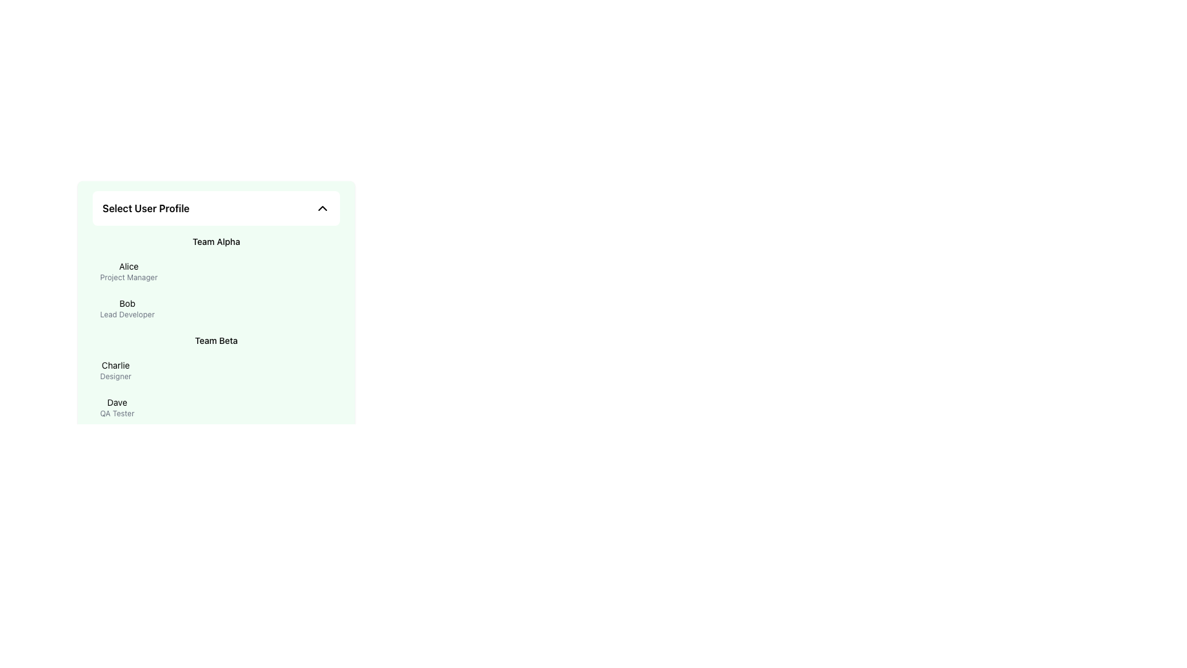  Describe the element at coordinates (117, 408) in the screenshot. I see `the text display element showing 'Dave' and 'QA Tester', which is part of the 'Team Beta' section, located below 'Charlie Designer'` at that location.